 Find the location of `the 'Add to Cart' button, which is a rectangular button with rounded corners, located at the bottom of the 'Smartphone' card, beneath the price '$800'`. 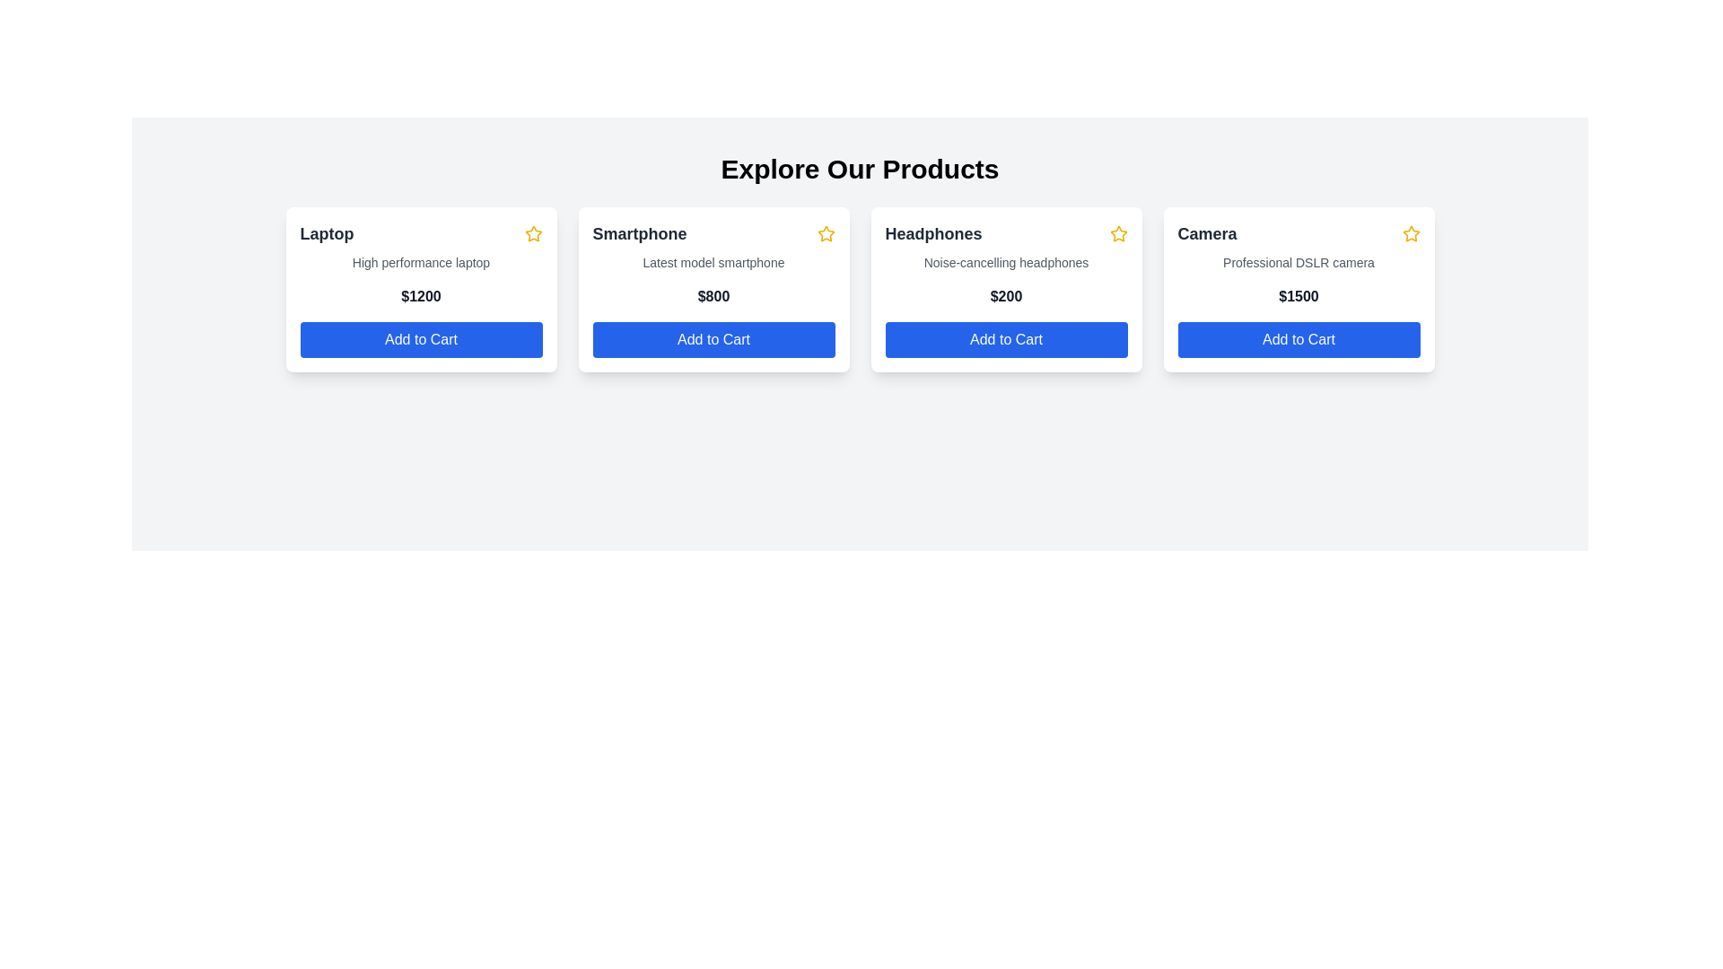

the 'Add to Cart' button, which is a rectangular button with rounded corners, located at the bottom of the 'Smartphone' card, beneath the price '$800' is located at coordinates (713, 339).